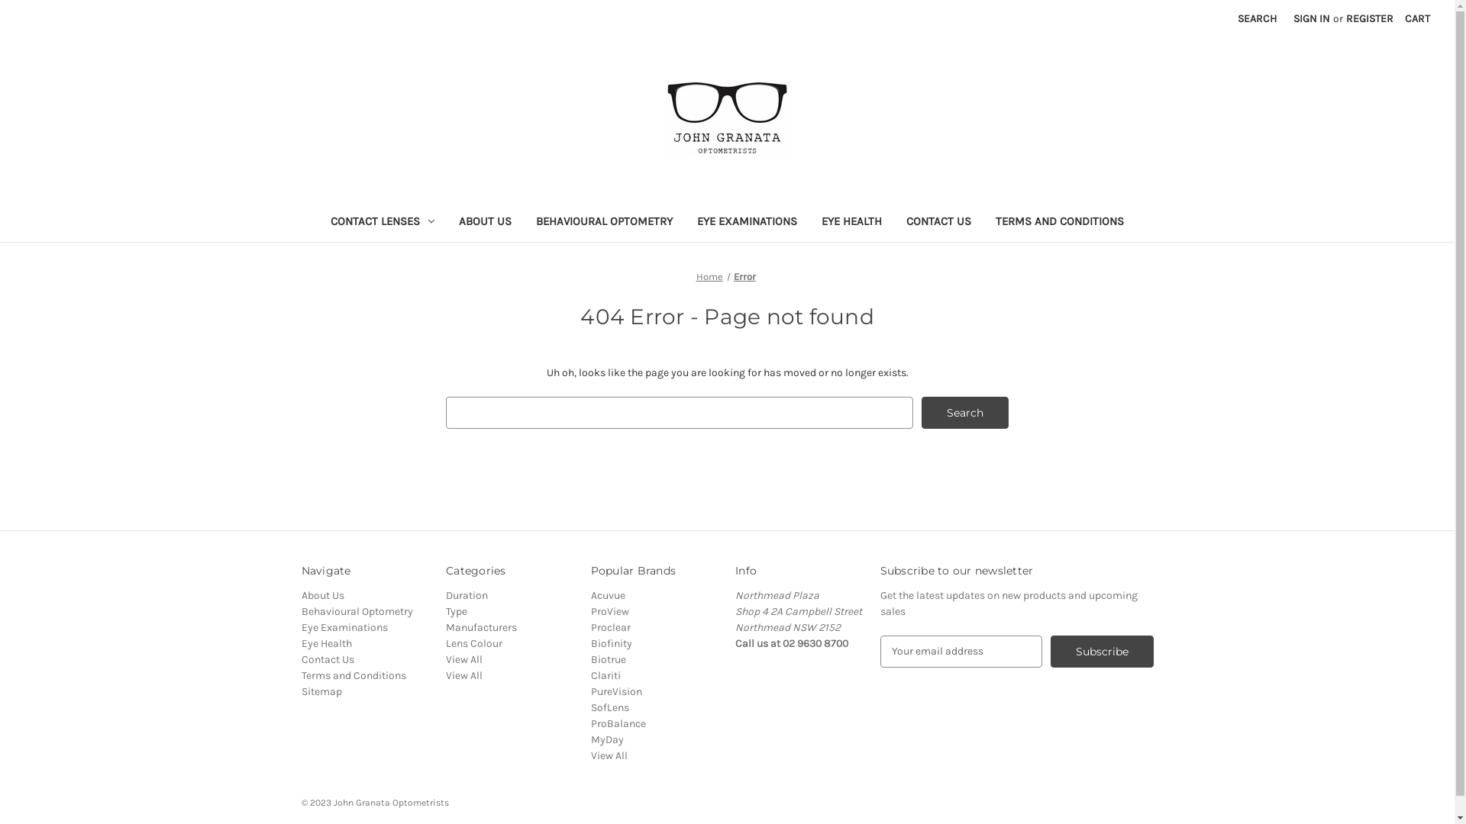 The image size is (1466, 824). Describe the element at coordinates (325, 643) in the screenshot. I see `'Eye Health'` at that location.